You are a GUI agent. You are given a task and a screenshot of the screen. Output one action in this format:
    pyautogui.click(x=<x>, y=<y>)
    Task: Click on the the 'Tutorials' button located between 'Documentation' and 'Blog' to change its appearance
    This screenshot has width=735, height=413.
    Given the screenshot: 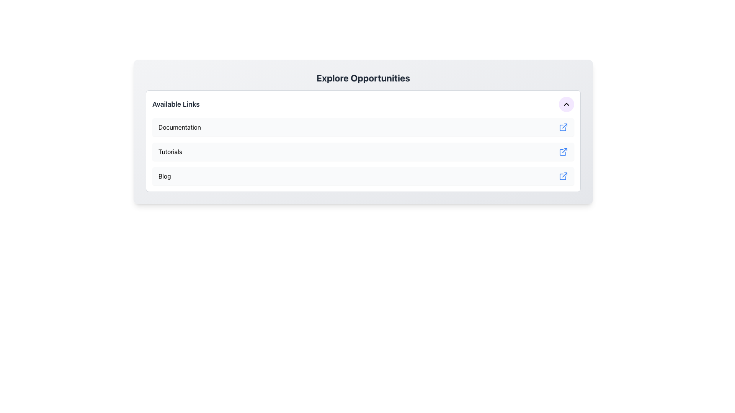 What is the action you would take?
    pyautogui.click(x=363, y=152)
    